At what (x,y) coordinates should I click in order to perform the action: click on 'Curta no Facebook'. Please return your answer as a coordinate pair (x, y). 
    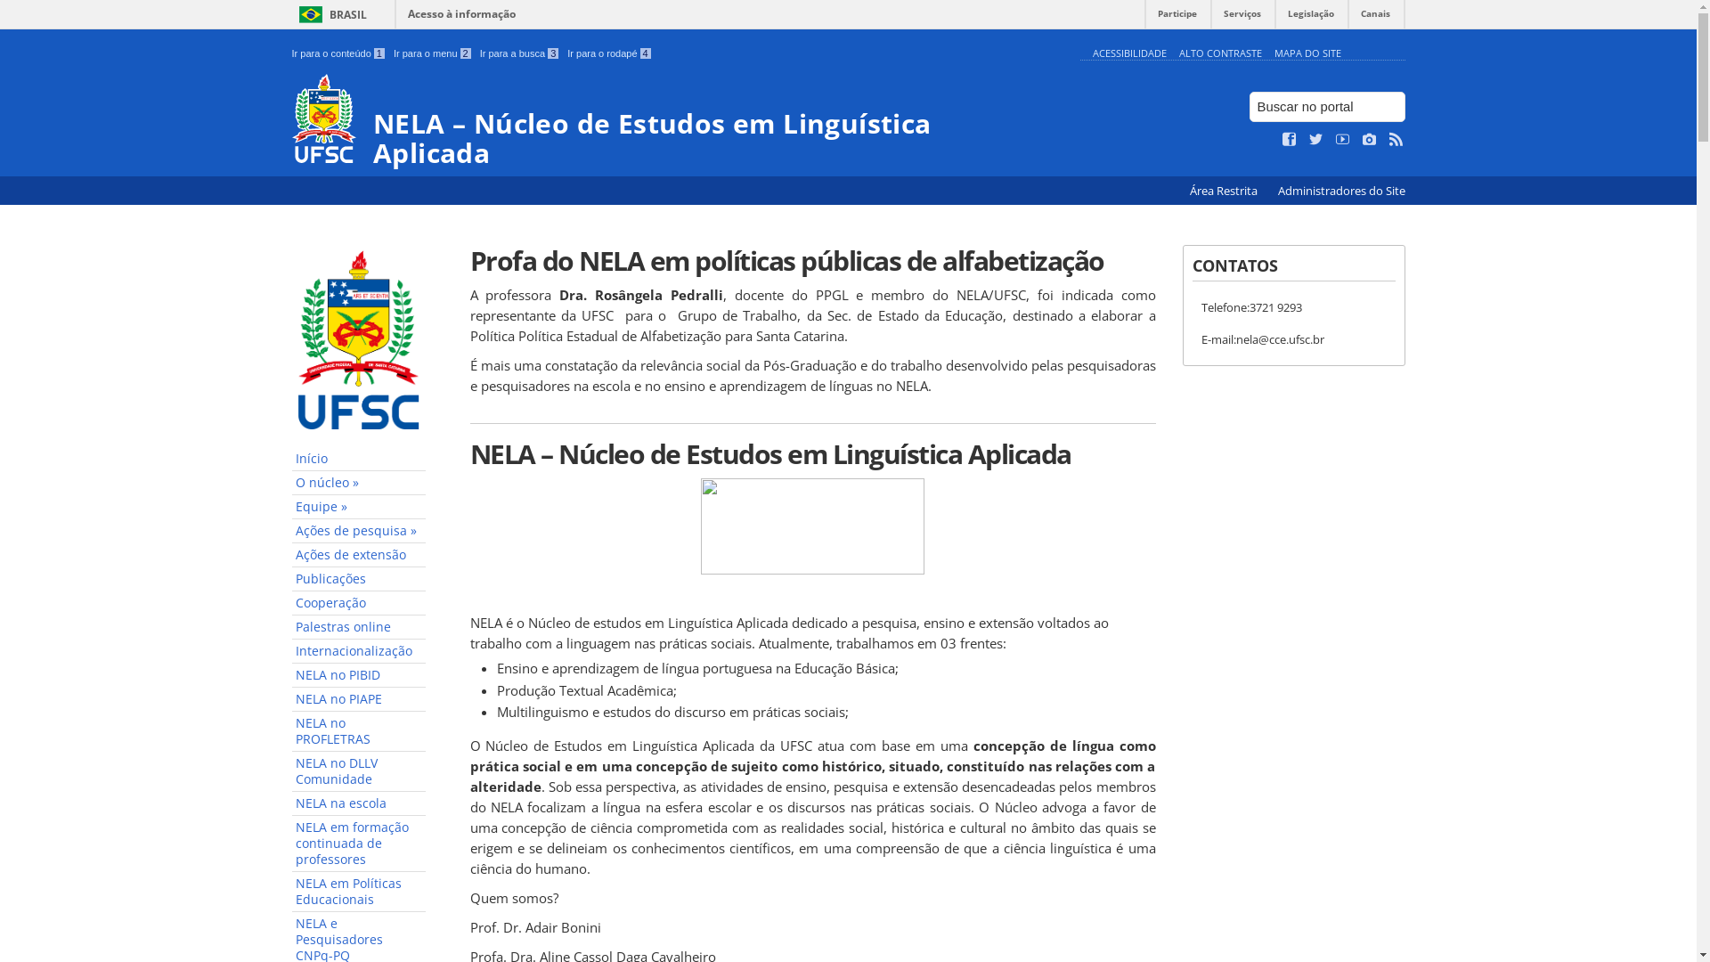
    Looking at the image, I should click on (1290, 139).